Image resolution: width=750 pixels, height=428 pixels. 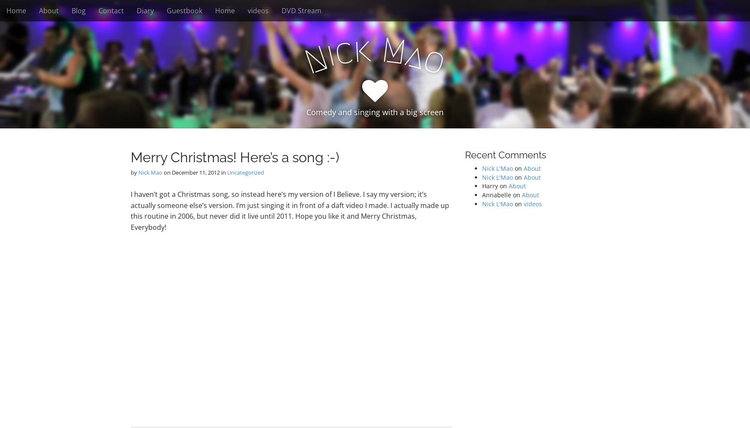 What do you see at coordinates (145, 11) in the screenshot?
I see `'Diary'` at bounding box center [145, 11].